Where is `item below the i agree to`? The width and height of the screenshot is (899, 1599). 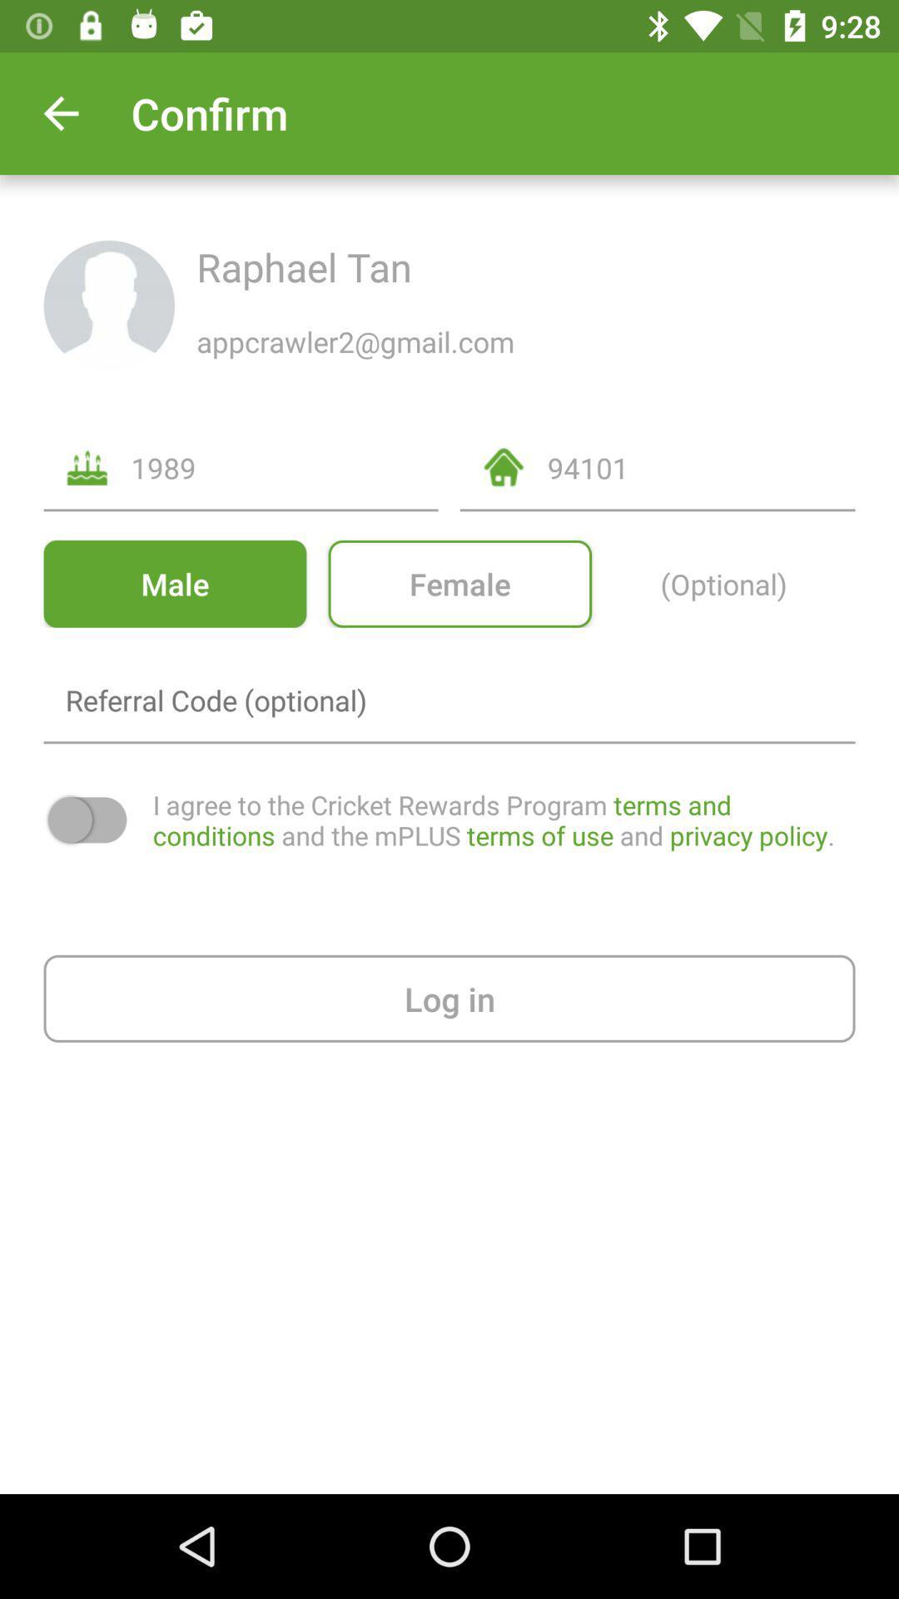 item below the i agree to is located at coordinates (449, 999).